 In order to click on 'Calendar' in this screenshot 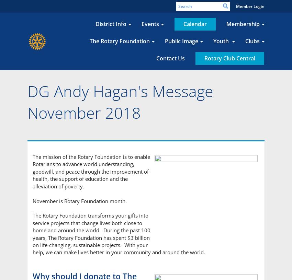, I will do `click(195, 24)`.